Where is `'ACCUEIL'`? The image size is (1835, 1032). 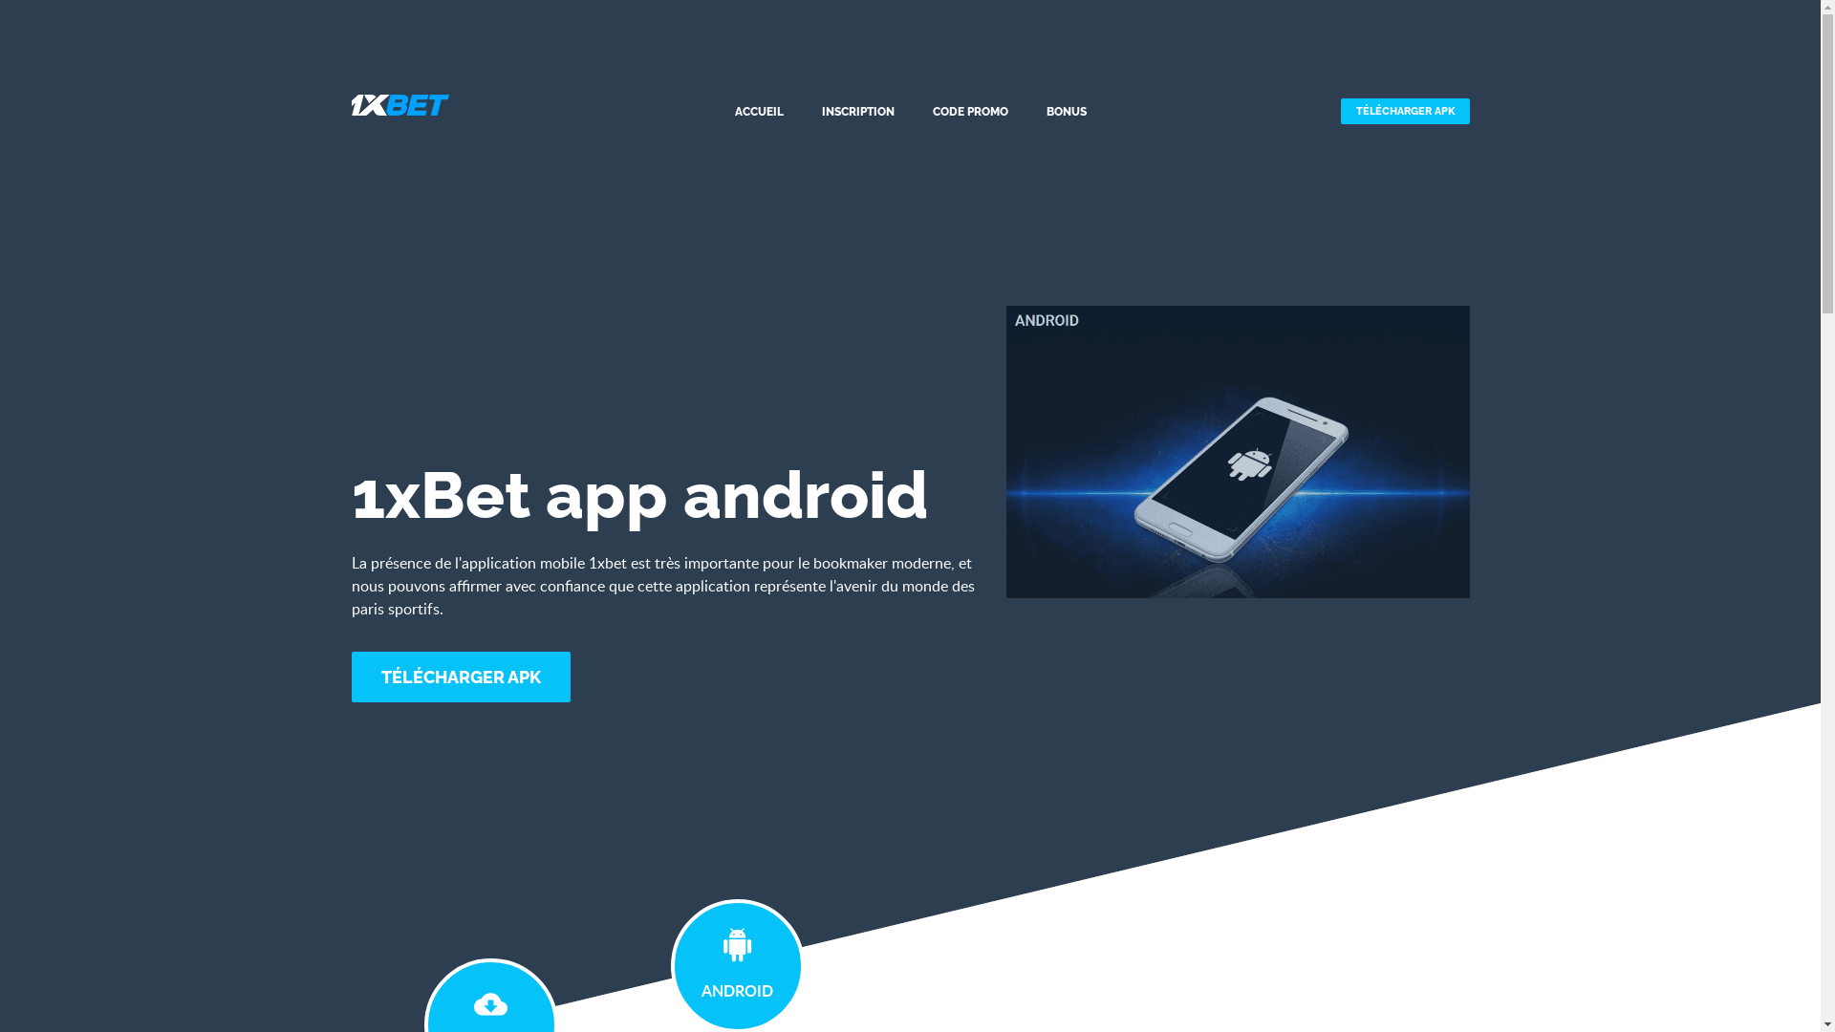 'ACCUEIL' is located at coordinates (758, 111).